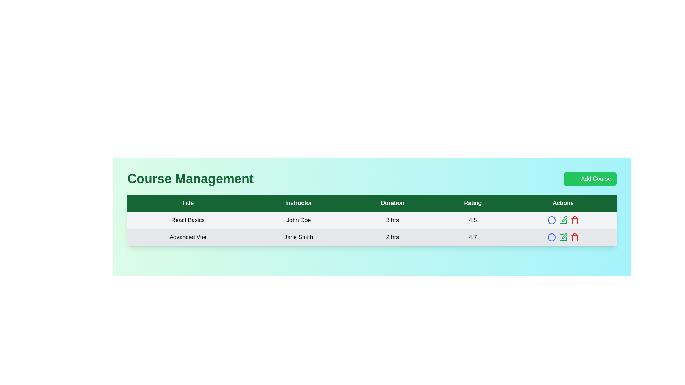 The image size is (685, 385). I want to click on the 'Course Management' text header element, which is styled in green, bold, and large font and positioned prominently above a table layout, so click(190, 178).